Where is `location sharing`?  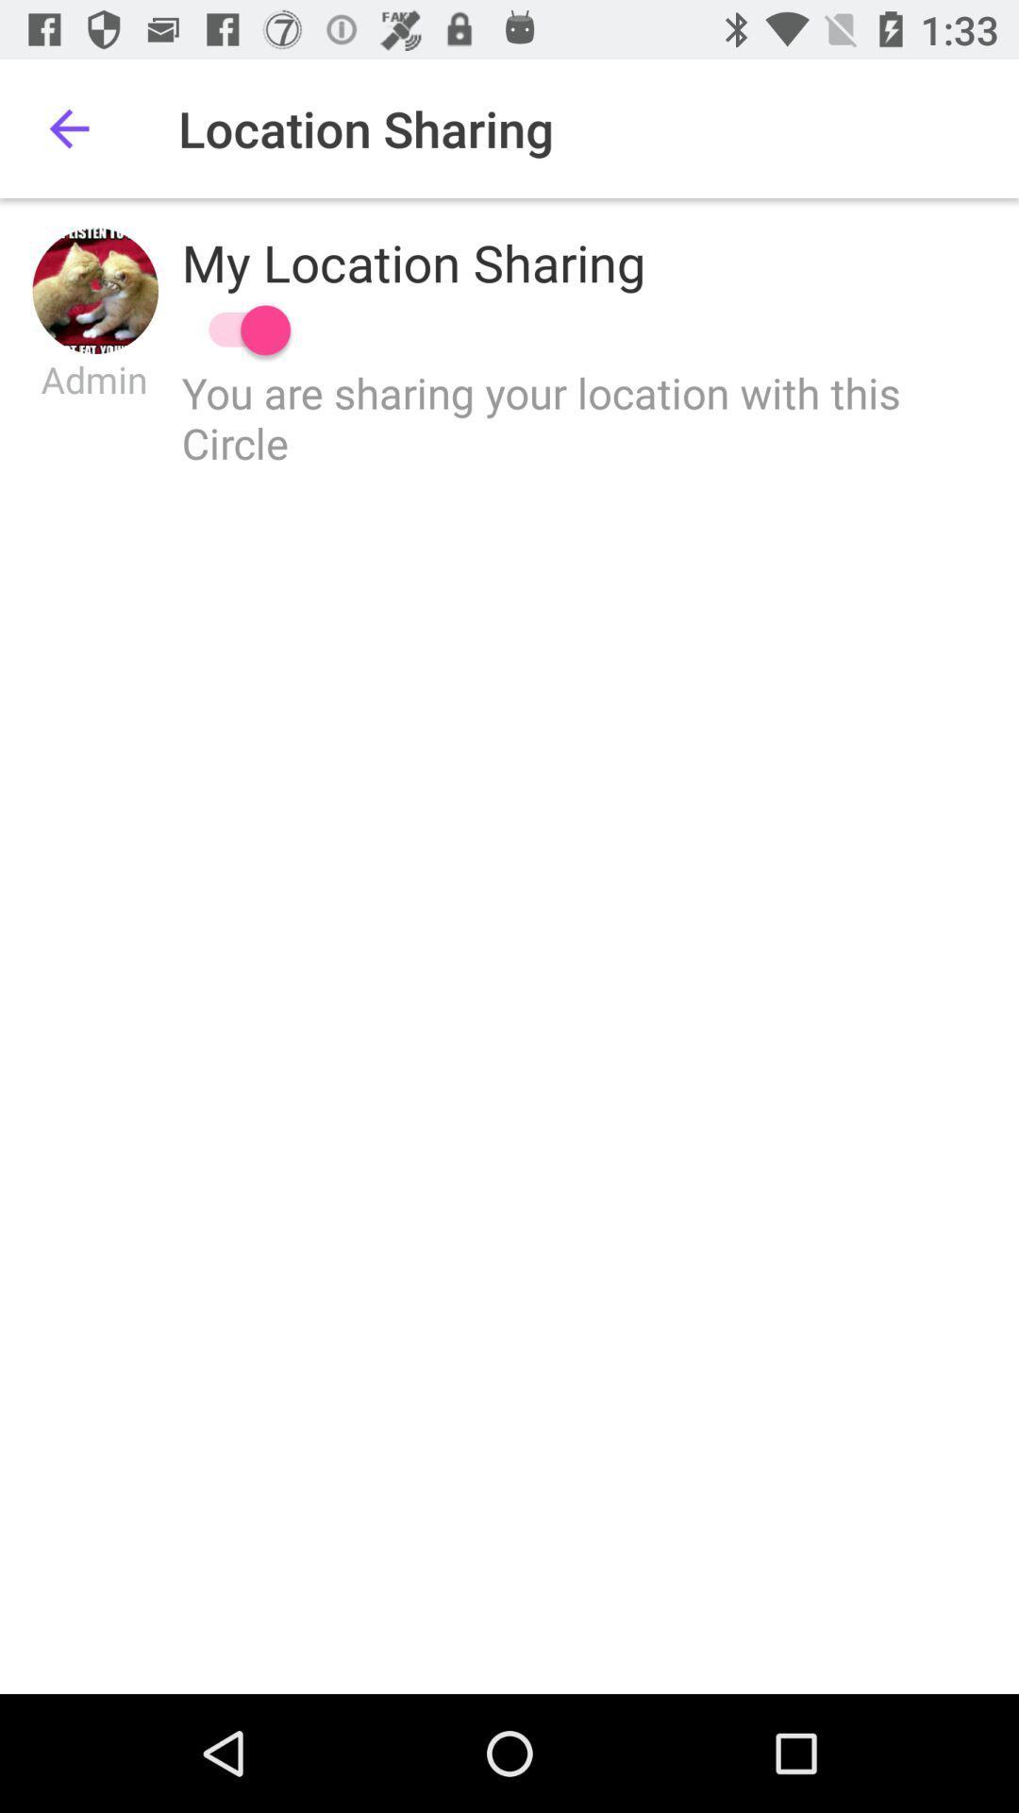
location sharing is located at coordinates (239, 330).